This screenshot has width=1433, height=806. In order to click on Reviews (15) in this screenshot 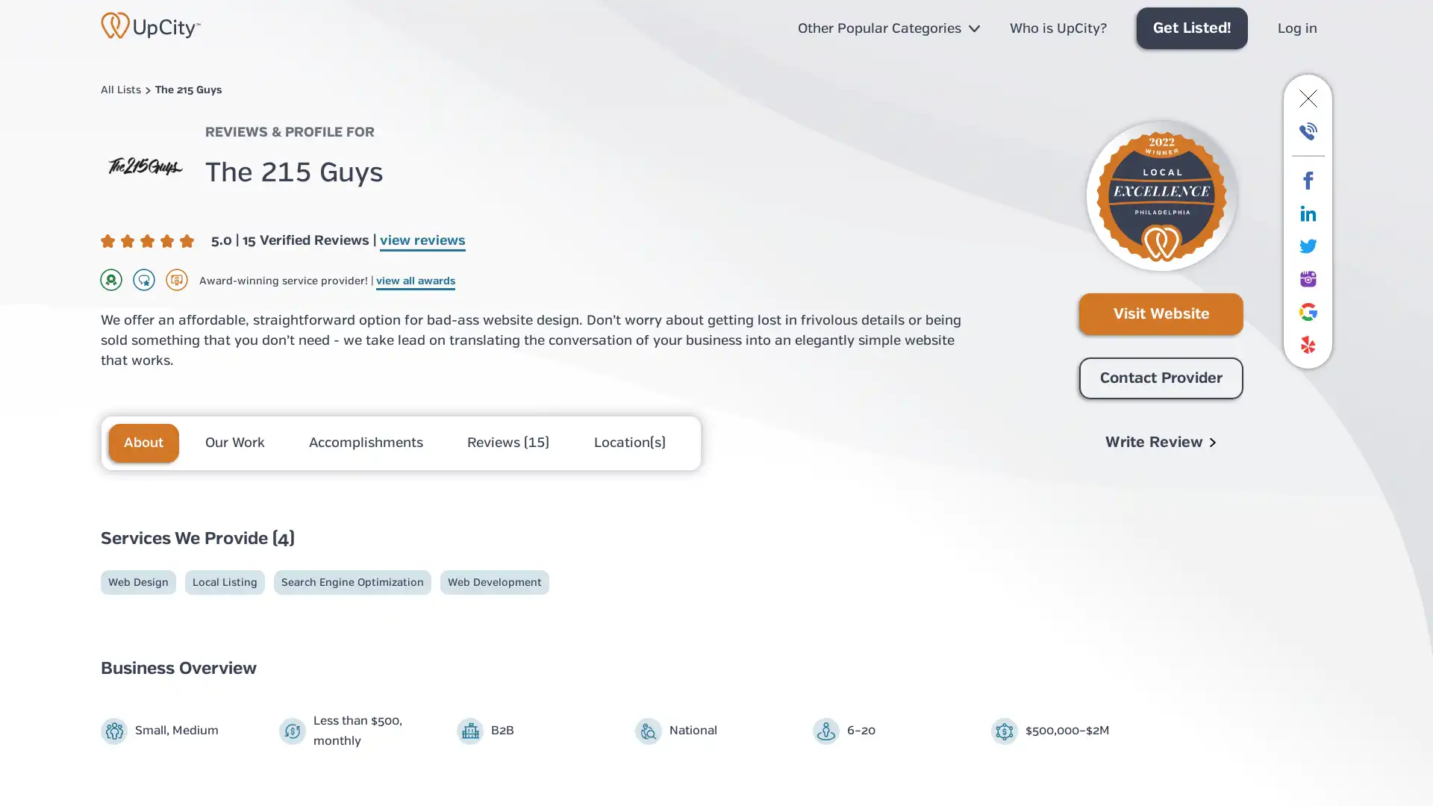, I will do `click(510, 442)`.